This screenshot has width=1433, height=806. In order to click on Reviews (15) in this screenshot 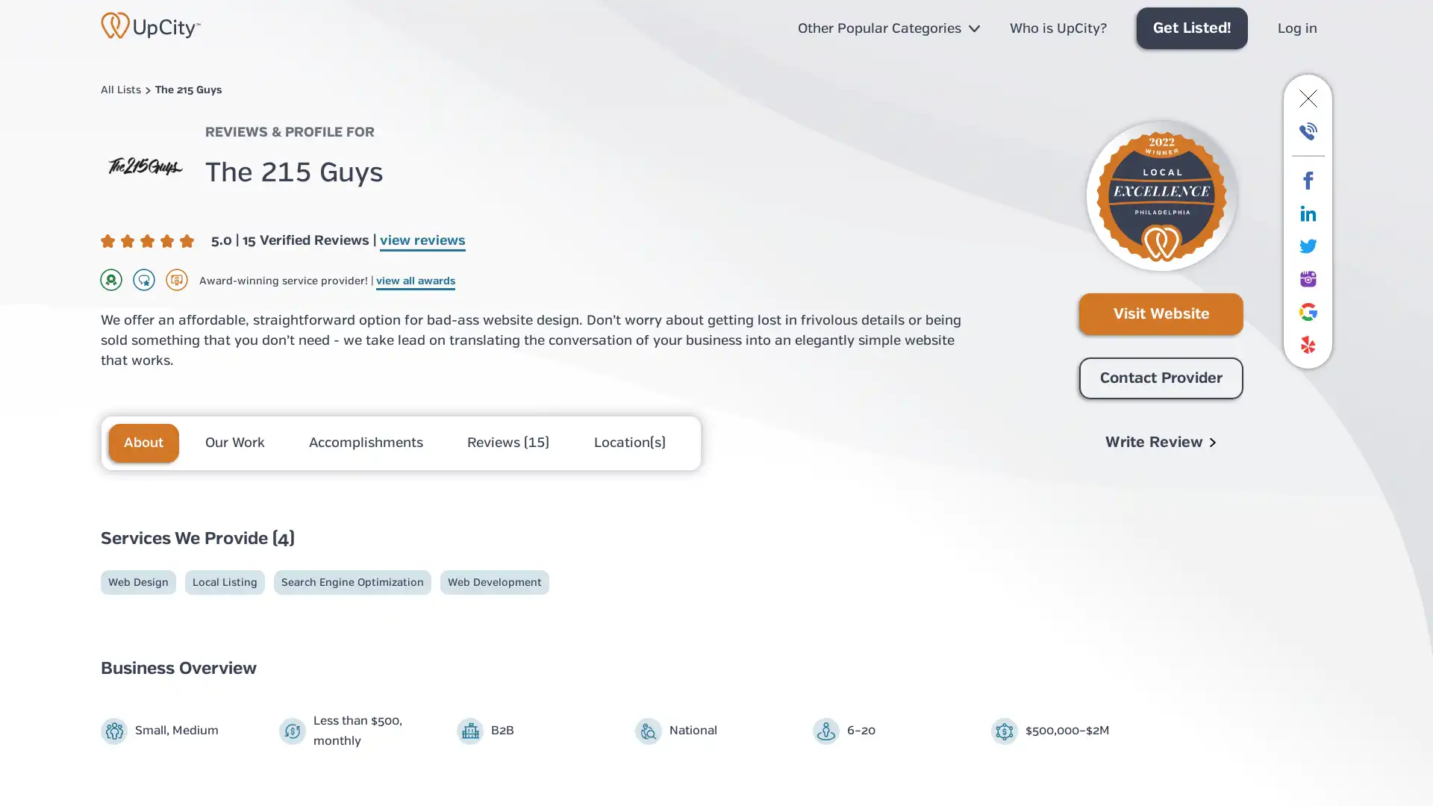, I will do `click(510, 442)`.